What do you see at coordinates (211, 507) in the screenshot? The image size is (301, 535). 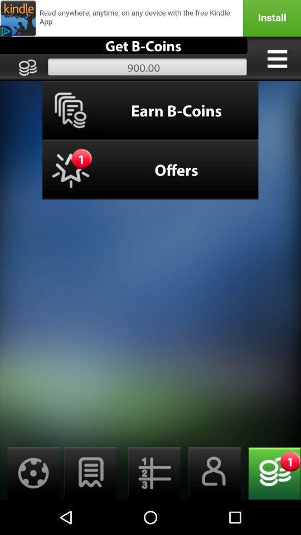 I see `the avatar icon` at bounding box center [211, 507].